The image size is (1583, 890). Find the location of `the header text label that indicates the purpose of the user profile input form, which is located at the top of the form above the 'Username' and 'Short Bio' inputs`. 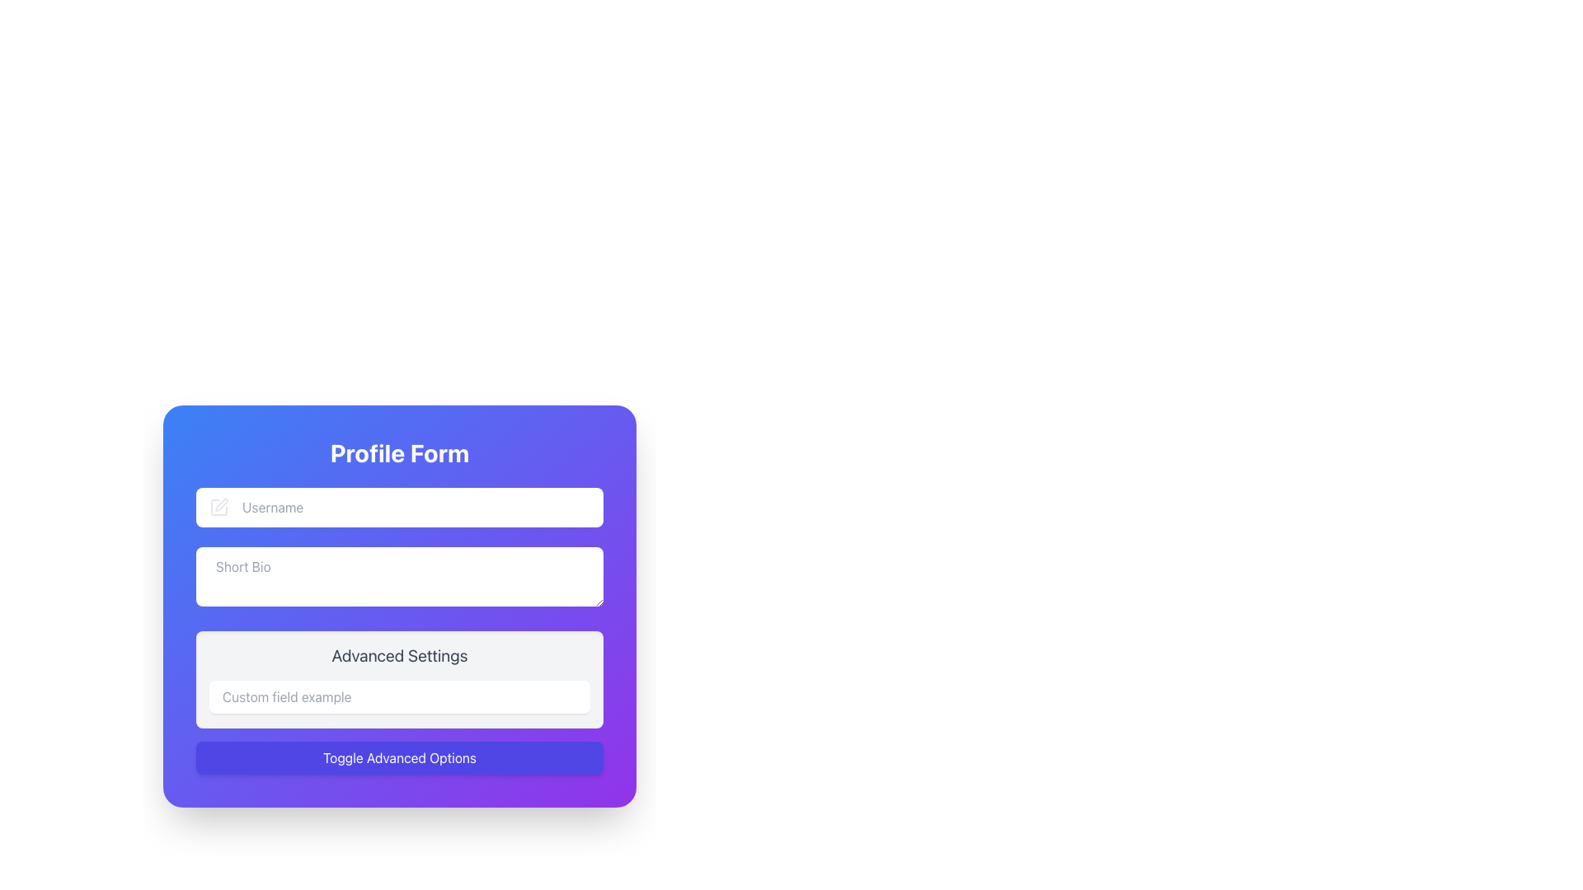

the header text label that indicates the purpose of the user profile input form, which is located at the top of the form above the 'Username' and 'Short Bio' inputs is located at coordinates (399, 453).